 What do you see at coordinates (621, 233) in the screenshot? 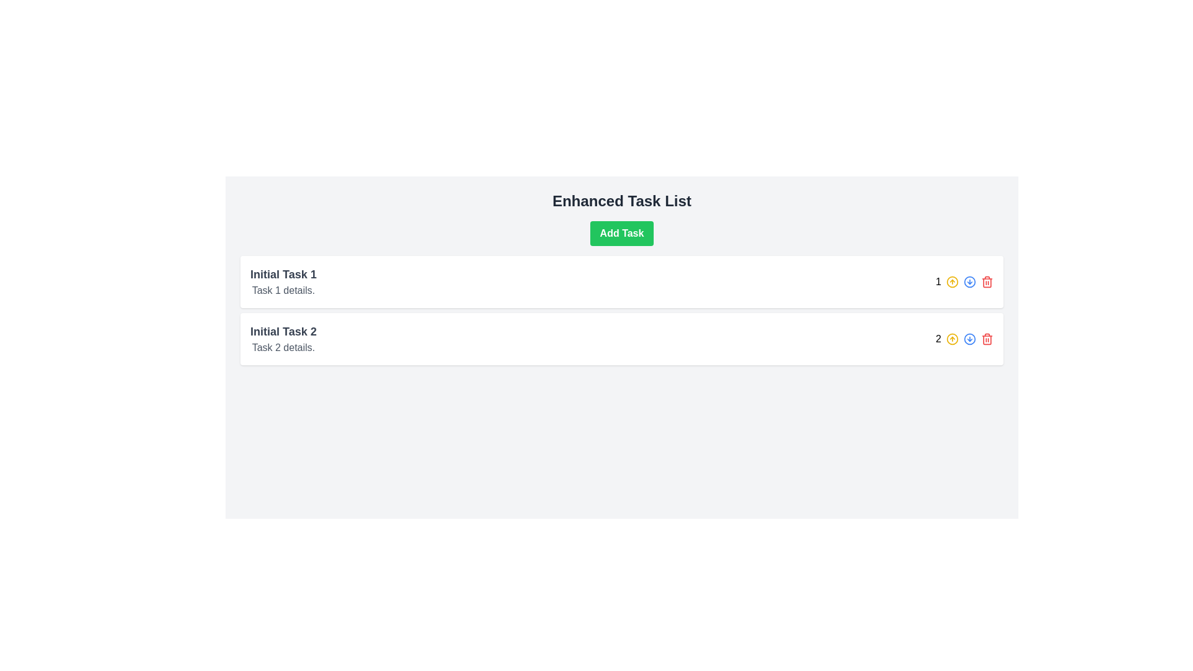
I see `the green button labeled 'Add Task' located centrally below the header 'Enhanced Task List'` at bounding box center [621, 233].